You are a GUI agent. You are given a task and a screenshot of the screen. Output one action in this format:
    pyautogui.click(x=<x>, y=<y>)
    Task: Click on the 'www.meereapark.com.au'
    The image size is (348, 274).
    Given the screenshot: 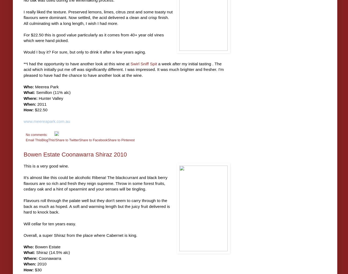 What is the action you would take?
    pyautogui.click(x=24, y=121)
    